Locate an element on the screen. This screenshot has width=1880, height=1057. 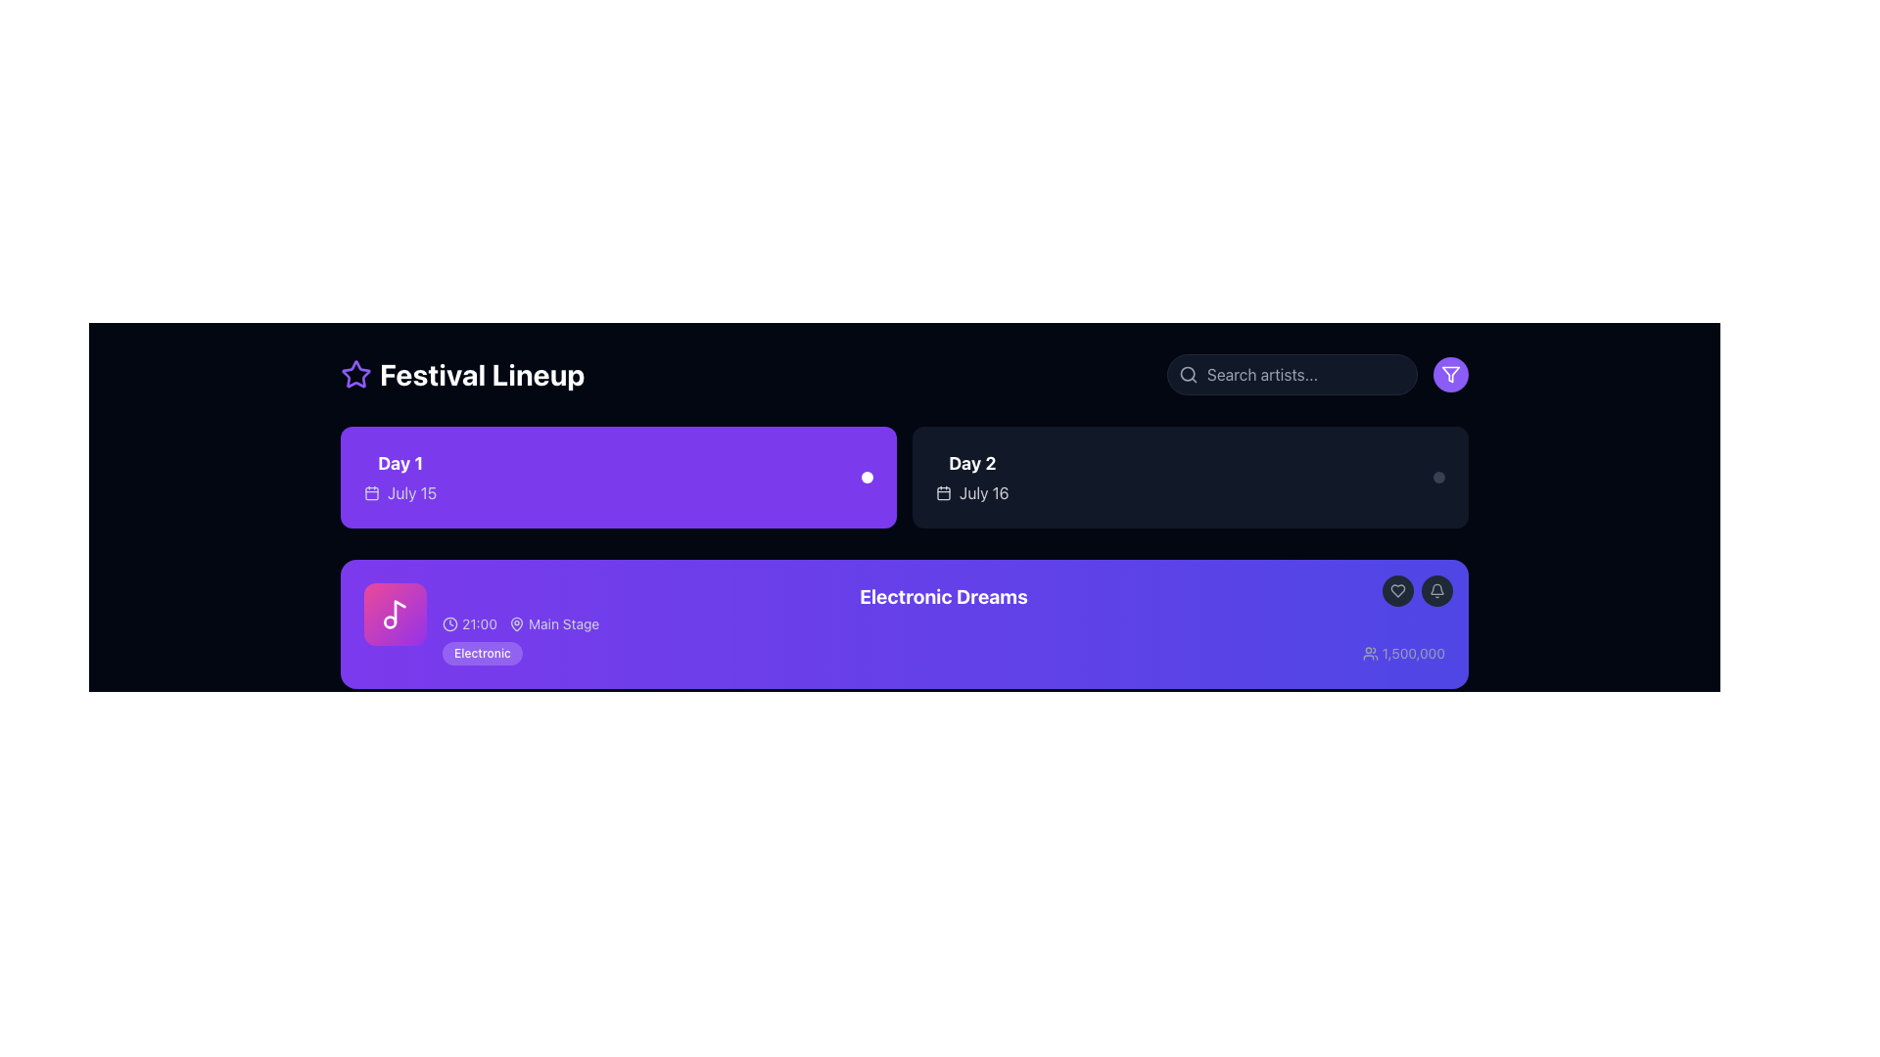
the heart icon located in the top right region of the interface is located at coordinates (1397, 590).